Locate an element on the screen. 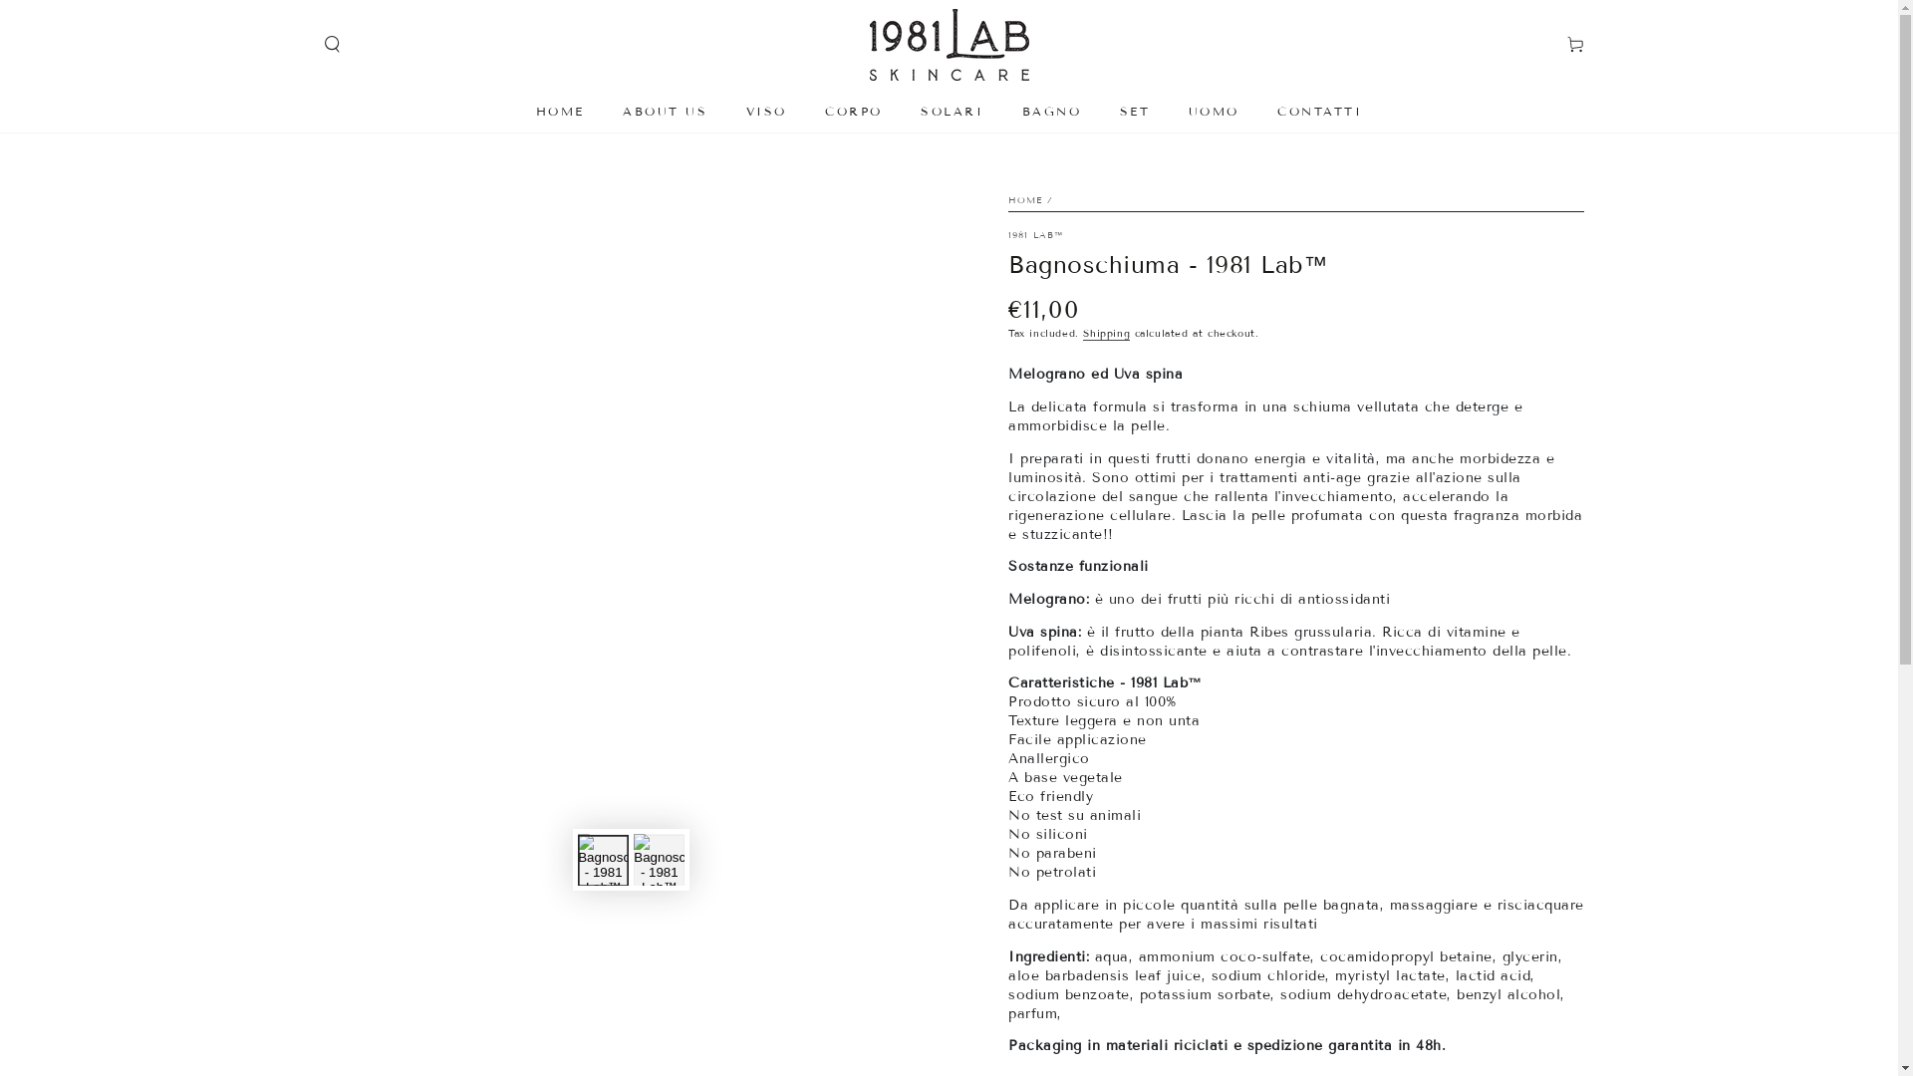 The width and height of the screenshot is (1913, 1076). 'BAGNO' is located at coordinates (1050, 111).